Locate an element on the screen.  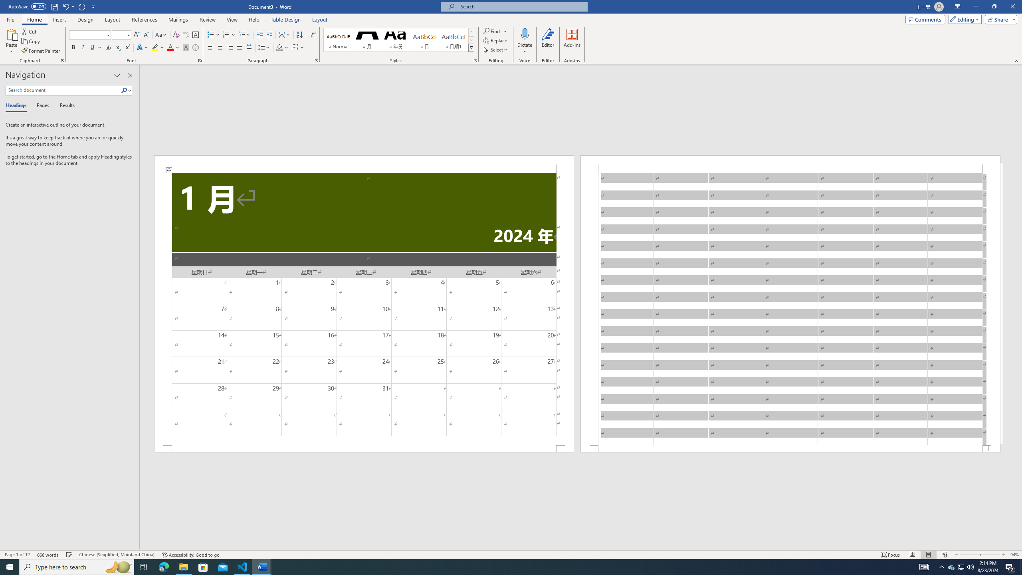
'Customize Quick Access Toolbar' is located at coordinates (93, 6).